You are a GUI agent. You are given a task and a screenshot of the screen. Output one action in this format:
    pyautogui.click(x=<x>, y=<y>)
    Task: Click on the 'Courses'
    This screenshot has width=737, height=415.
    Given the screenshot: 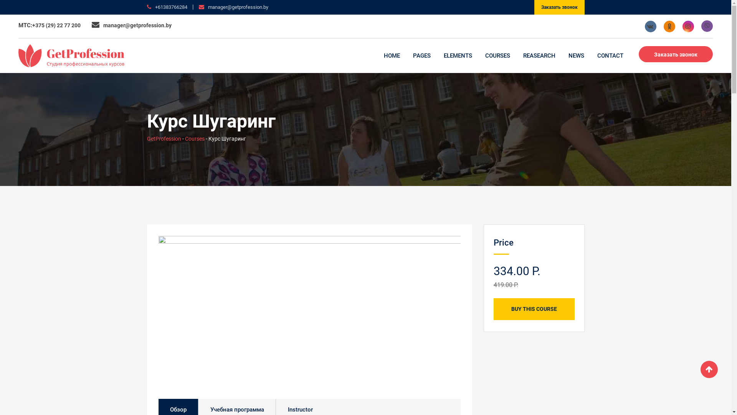 What is the action you would take?
    pyautogui.click(x=185, y=139)
    